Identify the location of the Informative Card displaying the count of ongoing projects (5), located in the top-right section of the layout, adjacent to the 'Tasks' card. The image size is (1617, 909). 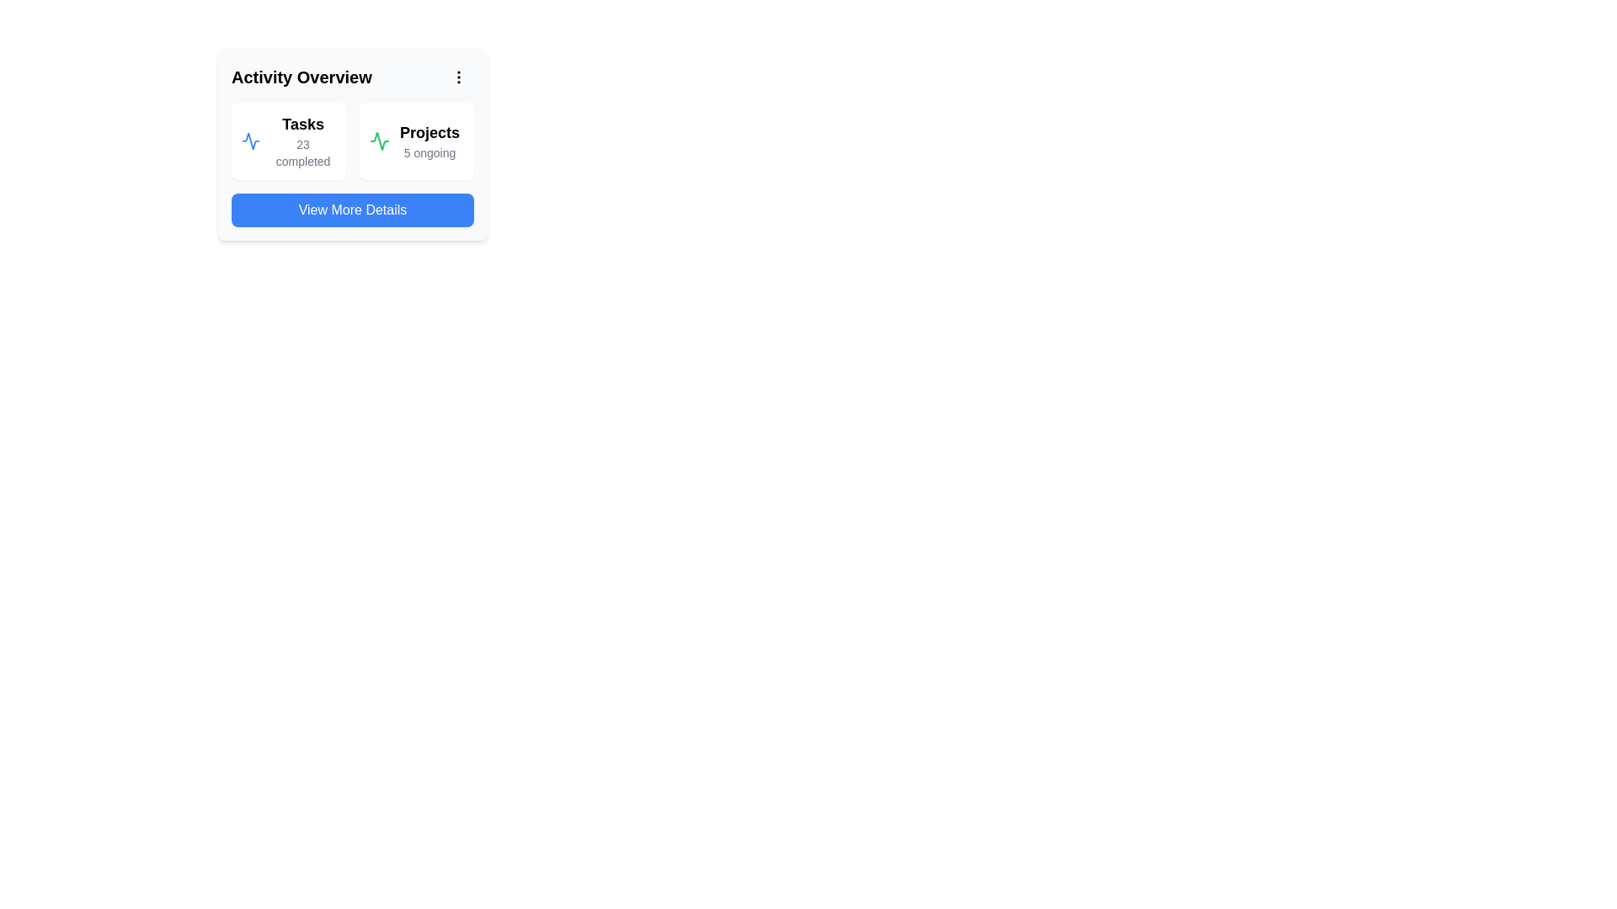
(416, 141).